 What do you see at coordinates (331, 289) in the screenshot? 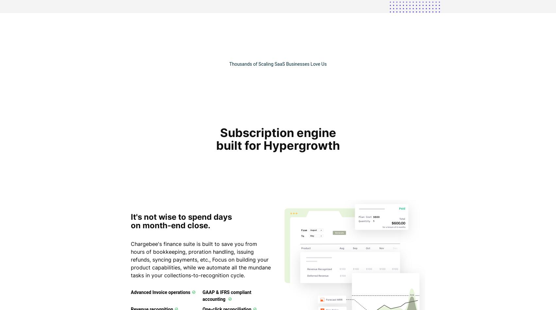
I see `'Chargebee scores 92% for the best results against the industry average of 81%. Our users believe that Chargebee is headed in the best possible direction!'` at bounding box center [331, 289].